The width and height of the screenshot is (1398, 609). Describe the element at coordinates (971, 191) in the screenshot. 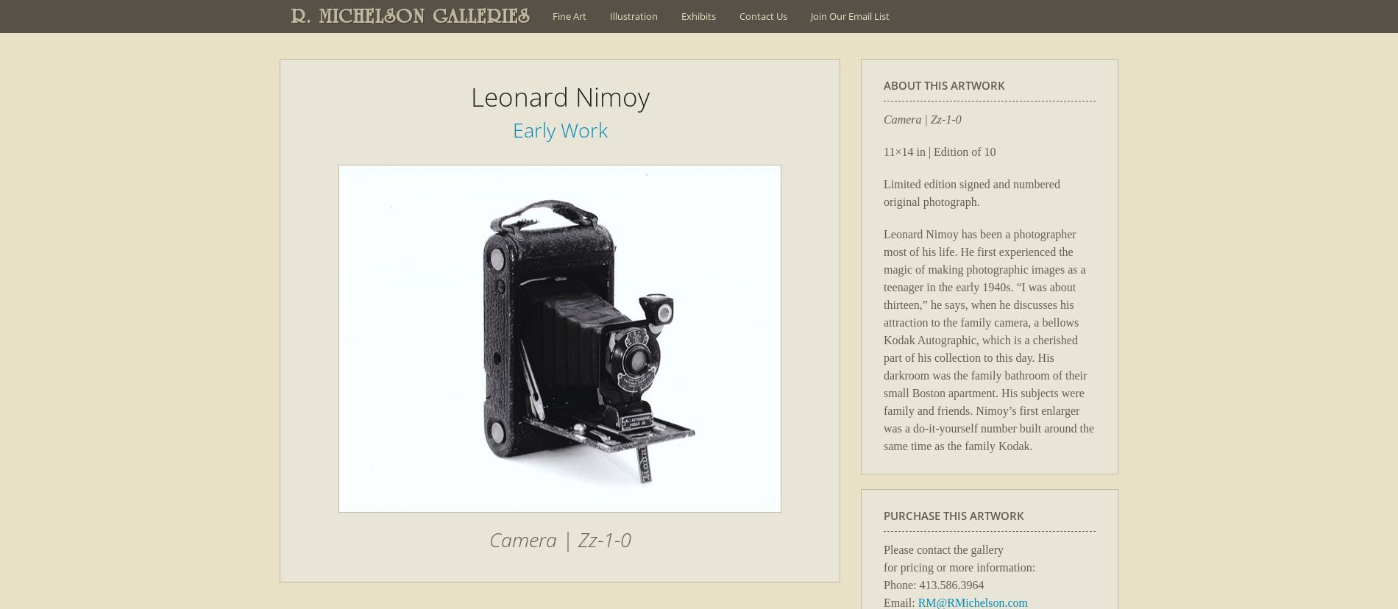

I see `'Limited edition signed and numbered original photograph.'` at that location.